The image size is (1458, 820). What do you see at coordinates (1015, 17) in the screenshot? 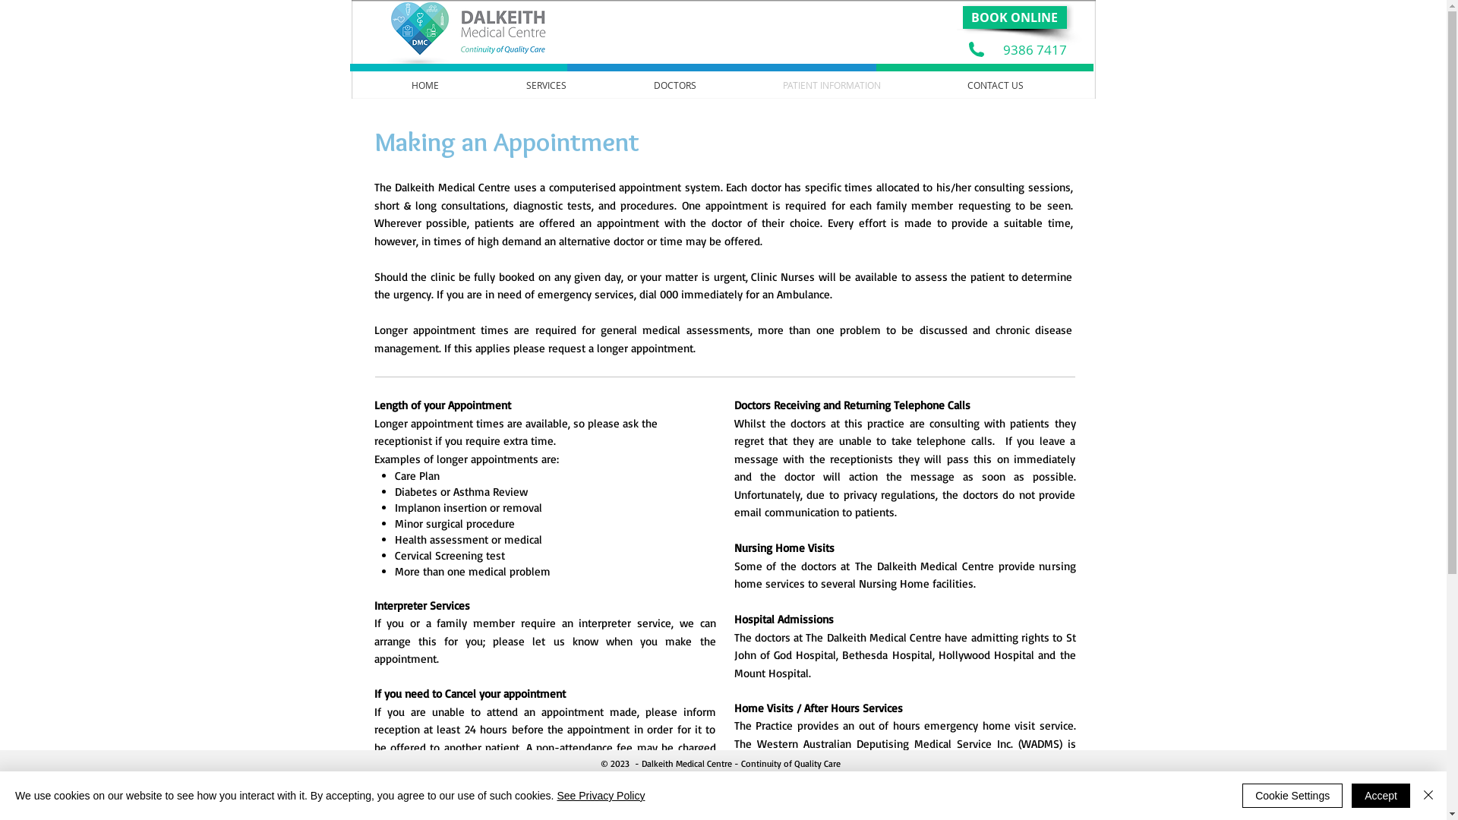
I see `'BOOK ONLINE'` at bounding box center [1015, 17].